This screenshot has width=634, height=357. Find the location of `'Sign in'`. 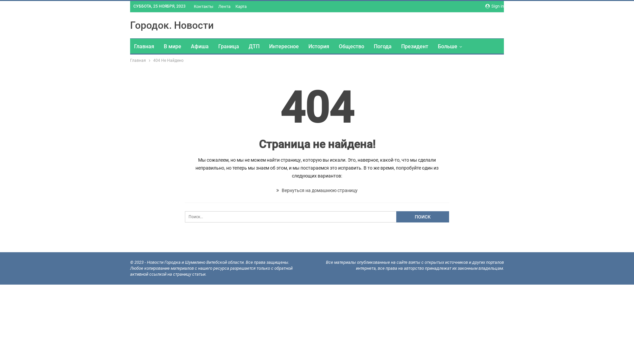

'Sign in' is located at coordinates (494, 6).